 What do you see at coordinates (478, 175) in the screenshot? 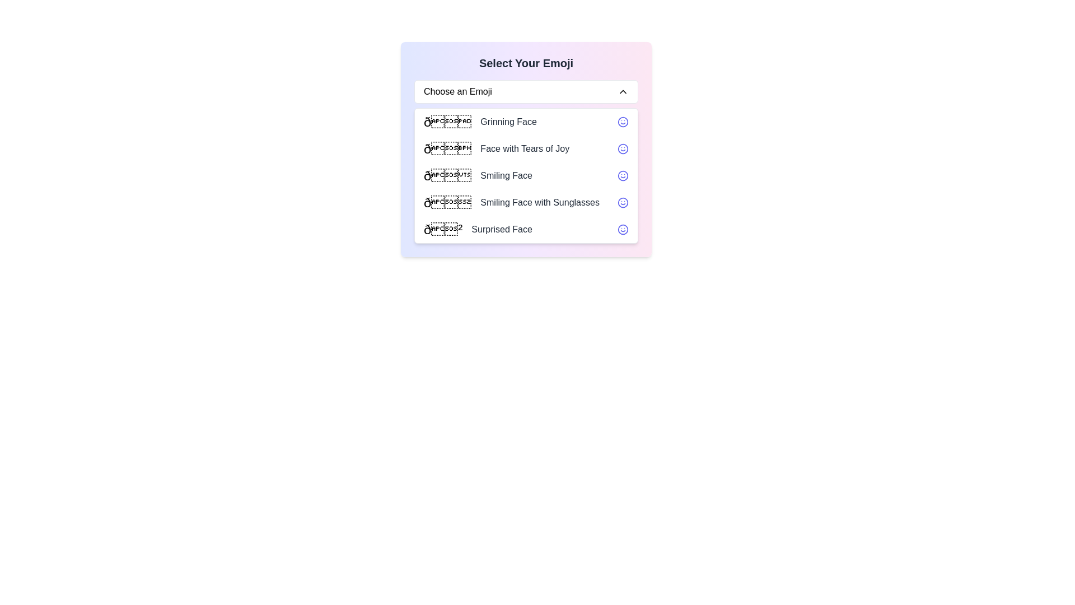
I see `the third emoji option in the emoji selection list, which represents a smiling face and is located in a centered modal, positioned between the 'Face with Tears of Joy' and 'Smiling Face with Sunglasses'` at bounding box center [478, 175].